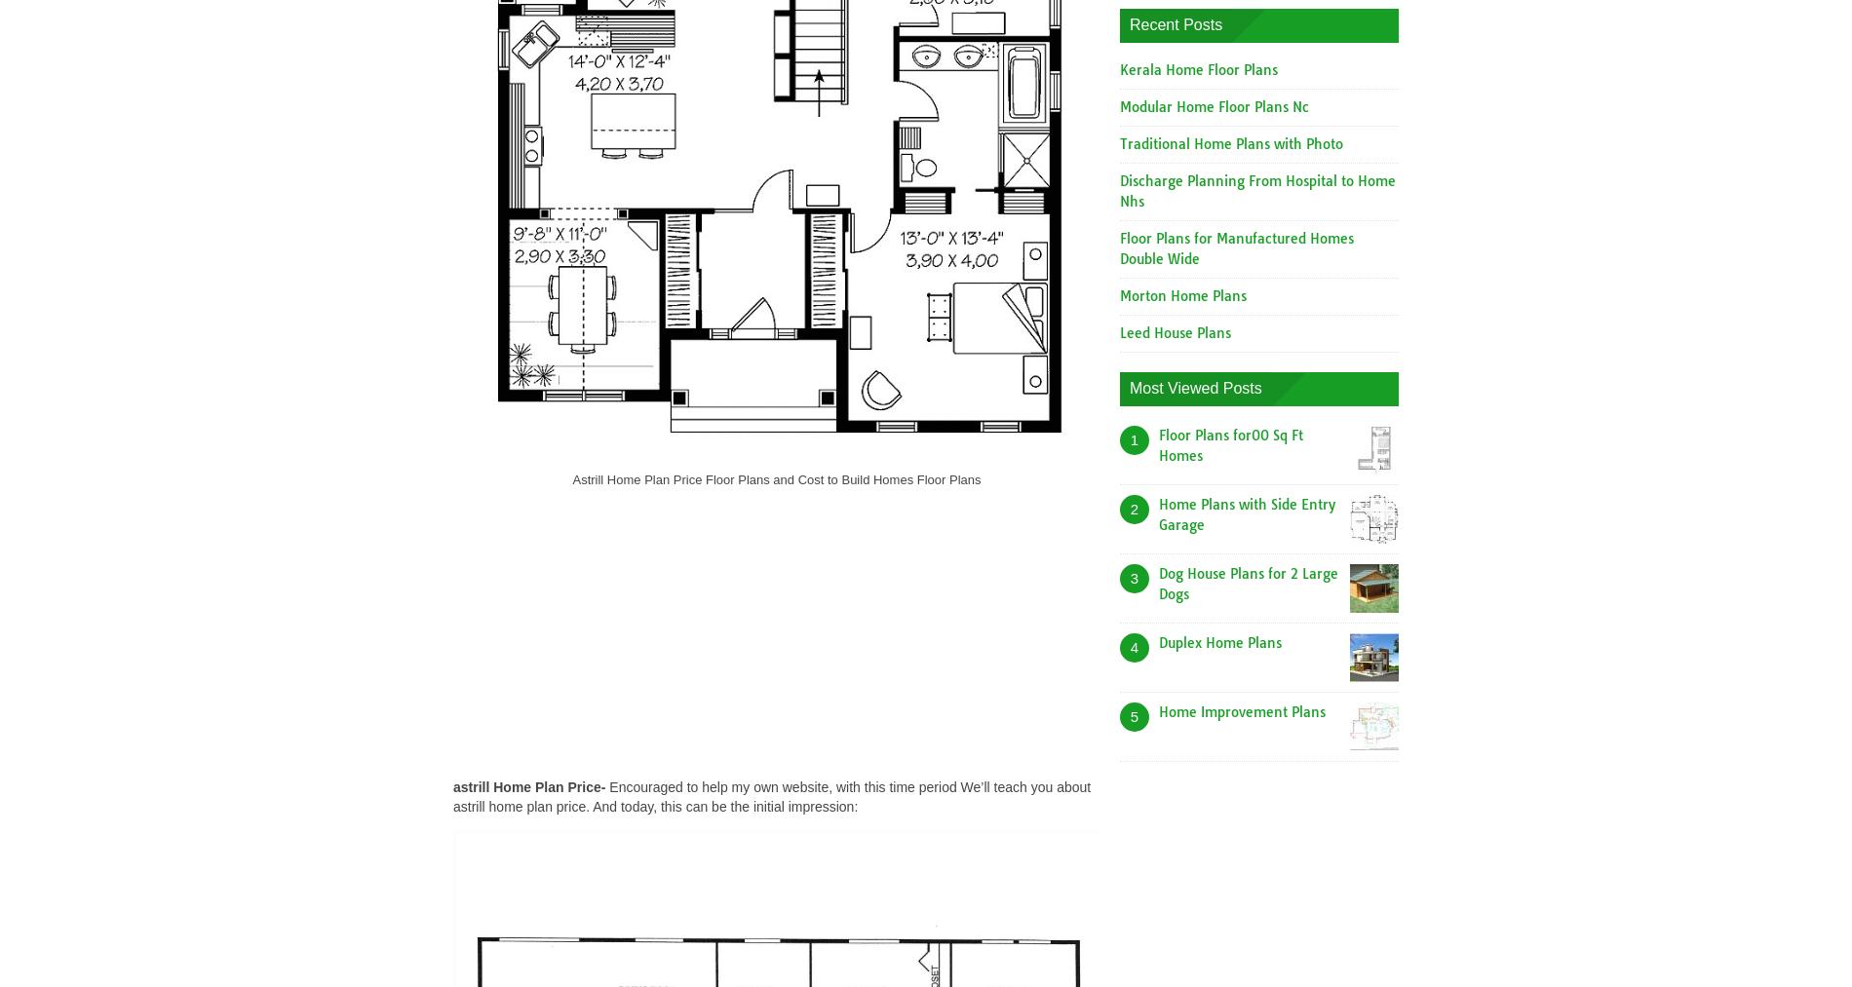 This screenshot has width=1852, height=987. I want to click on 'Home Plans with Side Entry Garage', so click(1246, 513).